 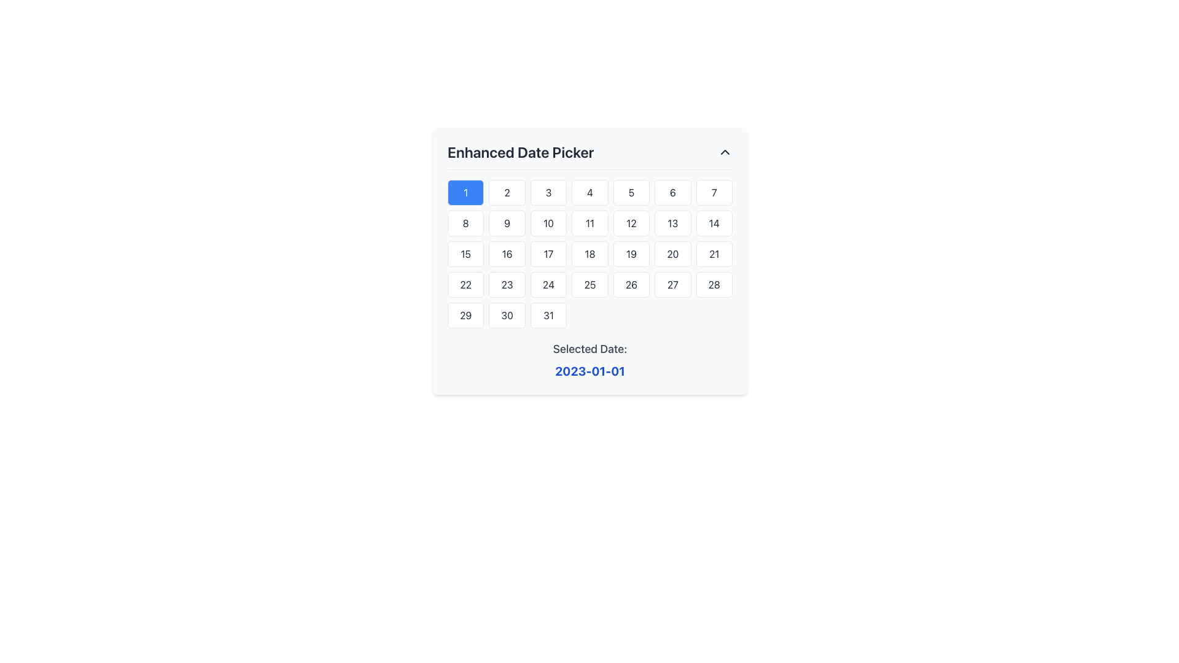 I want to click on the button representing the 11th day in the calendar grid of the date picker, so click(x=589, y=223).